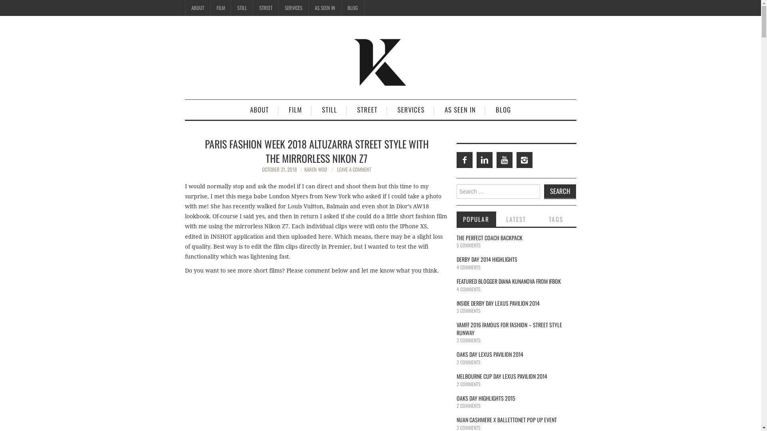 This screenshot has height=431, width=767. I want to click on 'AS SEEN IN', so click(460, 109).